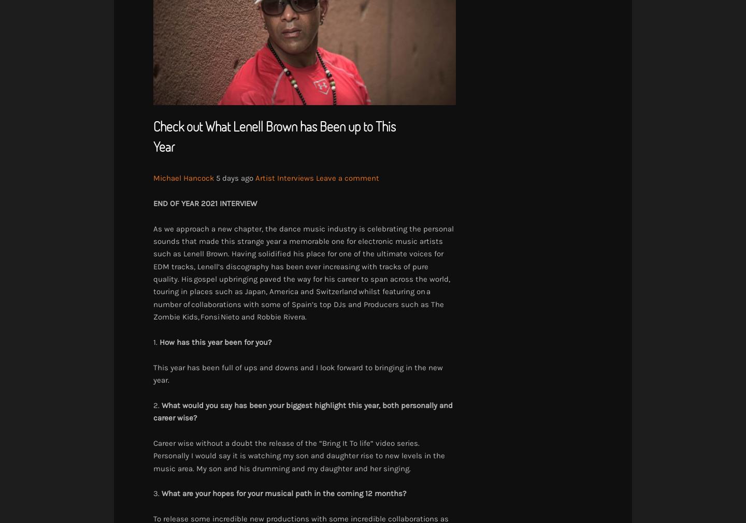  I want to click on '2.', so click(157, 405).